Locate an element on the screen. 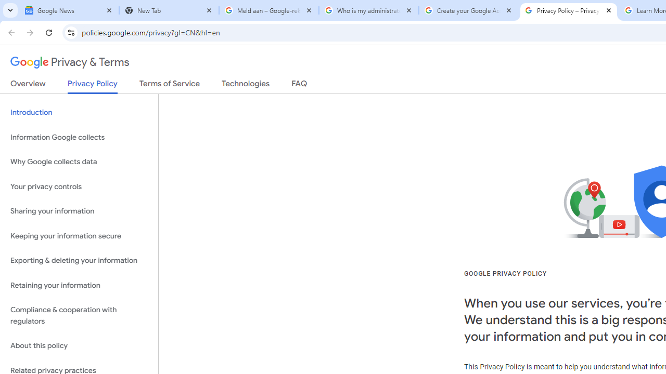  'New Tab' is located at coordinates (169, 10).